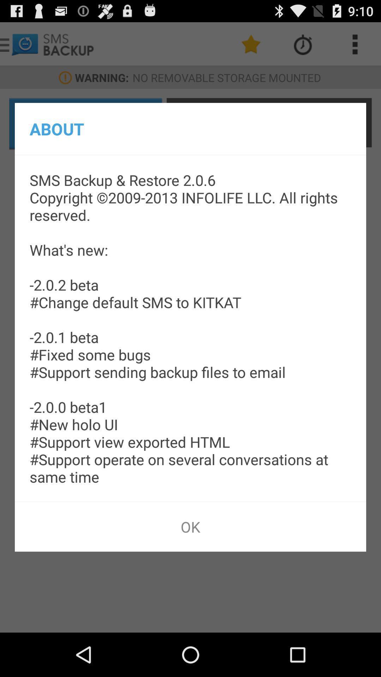 This screenshot has height=677, width=381. What do you see at coordinates (190, 526) in the screenshot?
I see `app below the sms backup restore icon` at bounding box center [190, 526].